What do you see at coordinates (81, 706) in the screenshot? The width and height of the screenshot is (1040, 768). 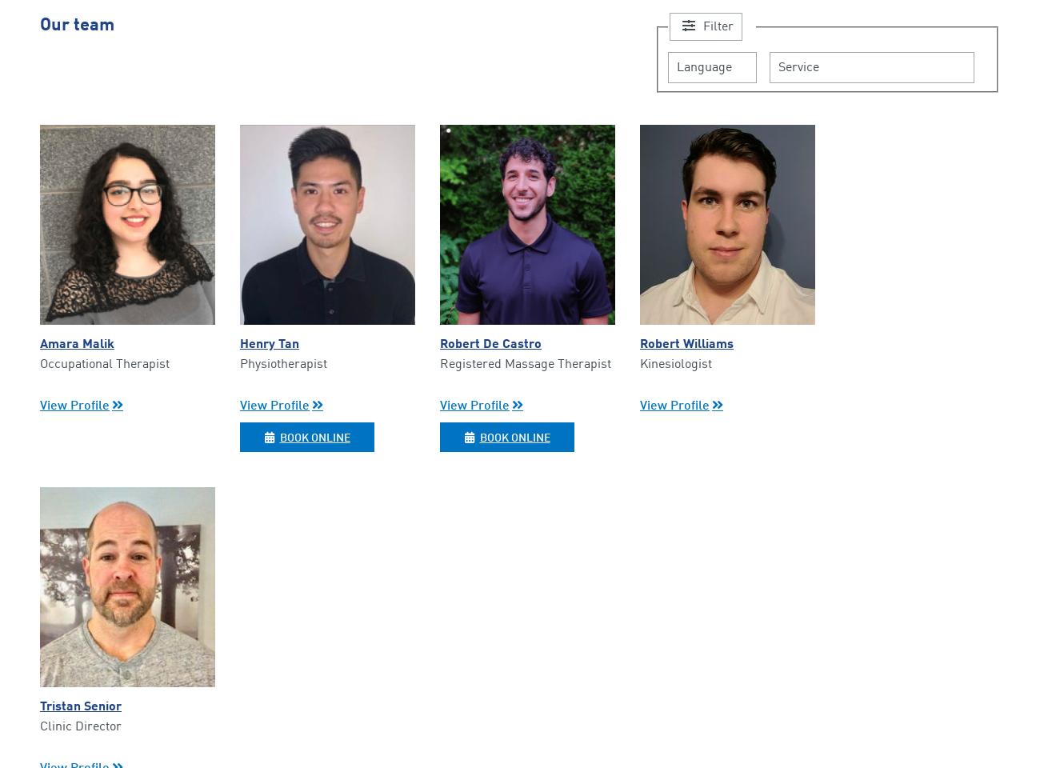 I see `'Tristan Senior'` at bounding box center [81, 706].